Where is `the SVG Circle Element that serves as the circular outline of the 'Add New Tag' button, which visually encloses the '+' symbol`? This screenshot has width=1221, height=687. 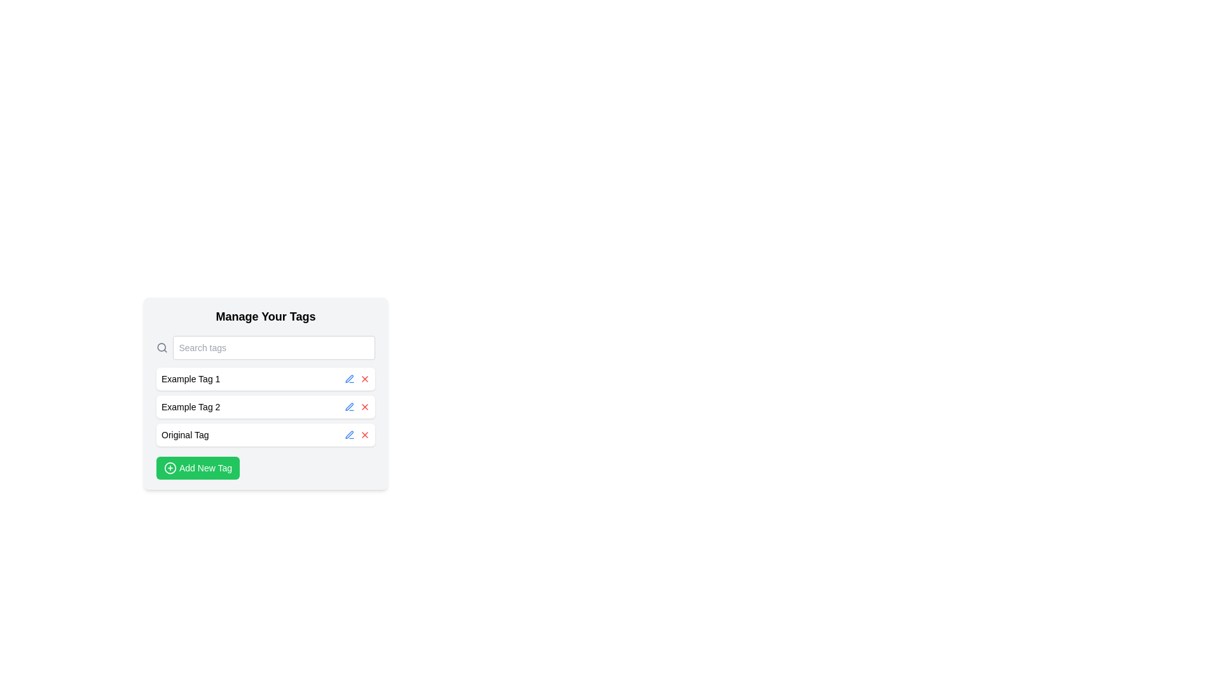 the SVG Circle Element that serves as the circular outline of the 'Add New Tag' button, which visually encloses the '+' symbol is located at coordinates (170, 468).